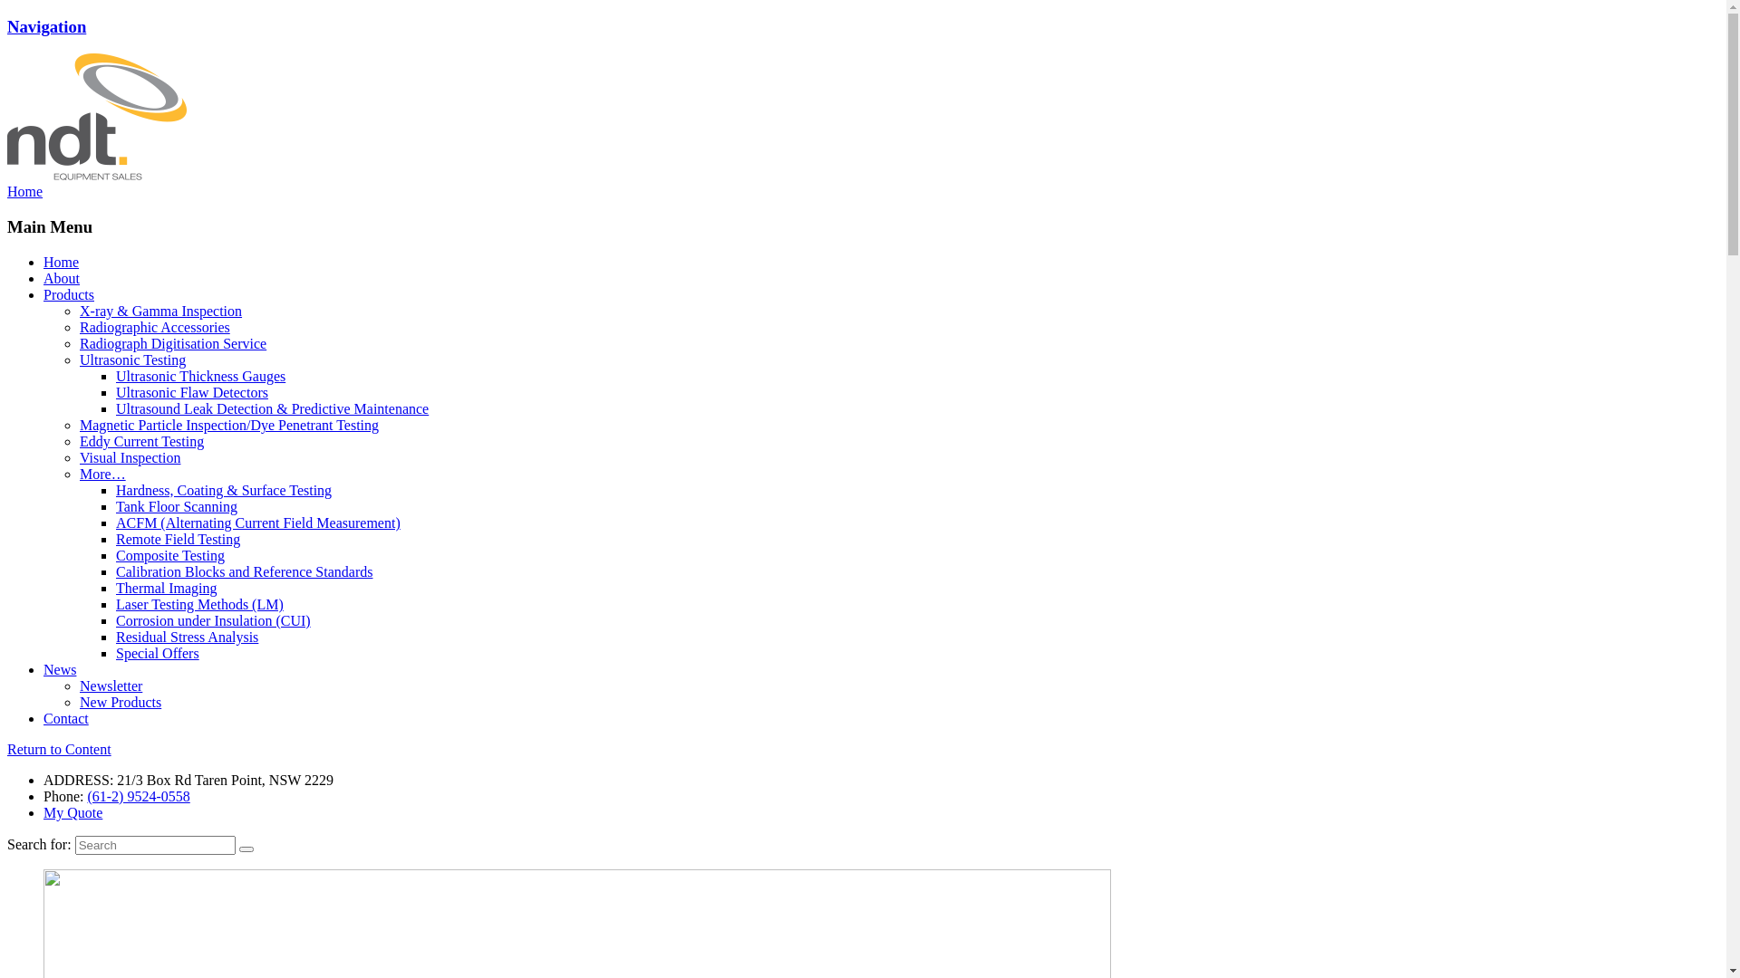  I want to click on 'Remote Field Testing', so click(178, 538).